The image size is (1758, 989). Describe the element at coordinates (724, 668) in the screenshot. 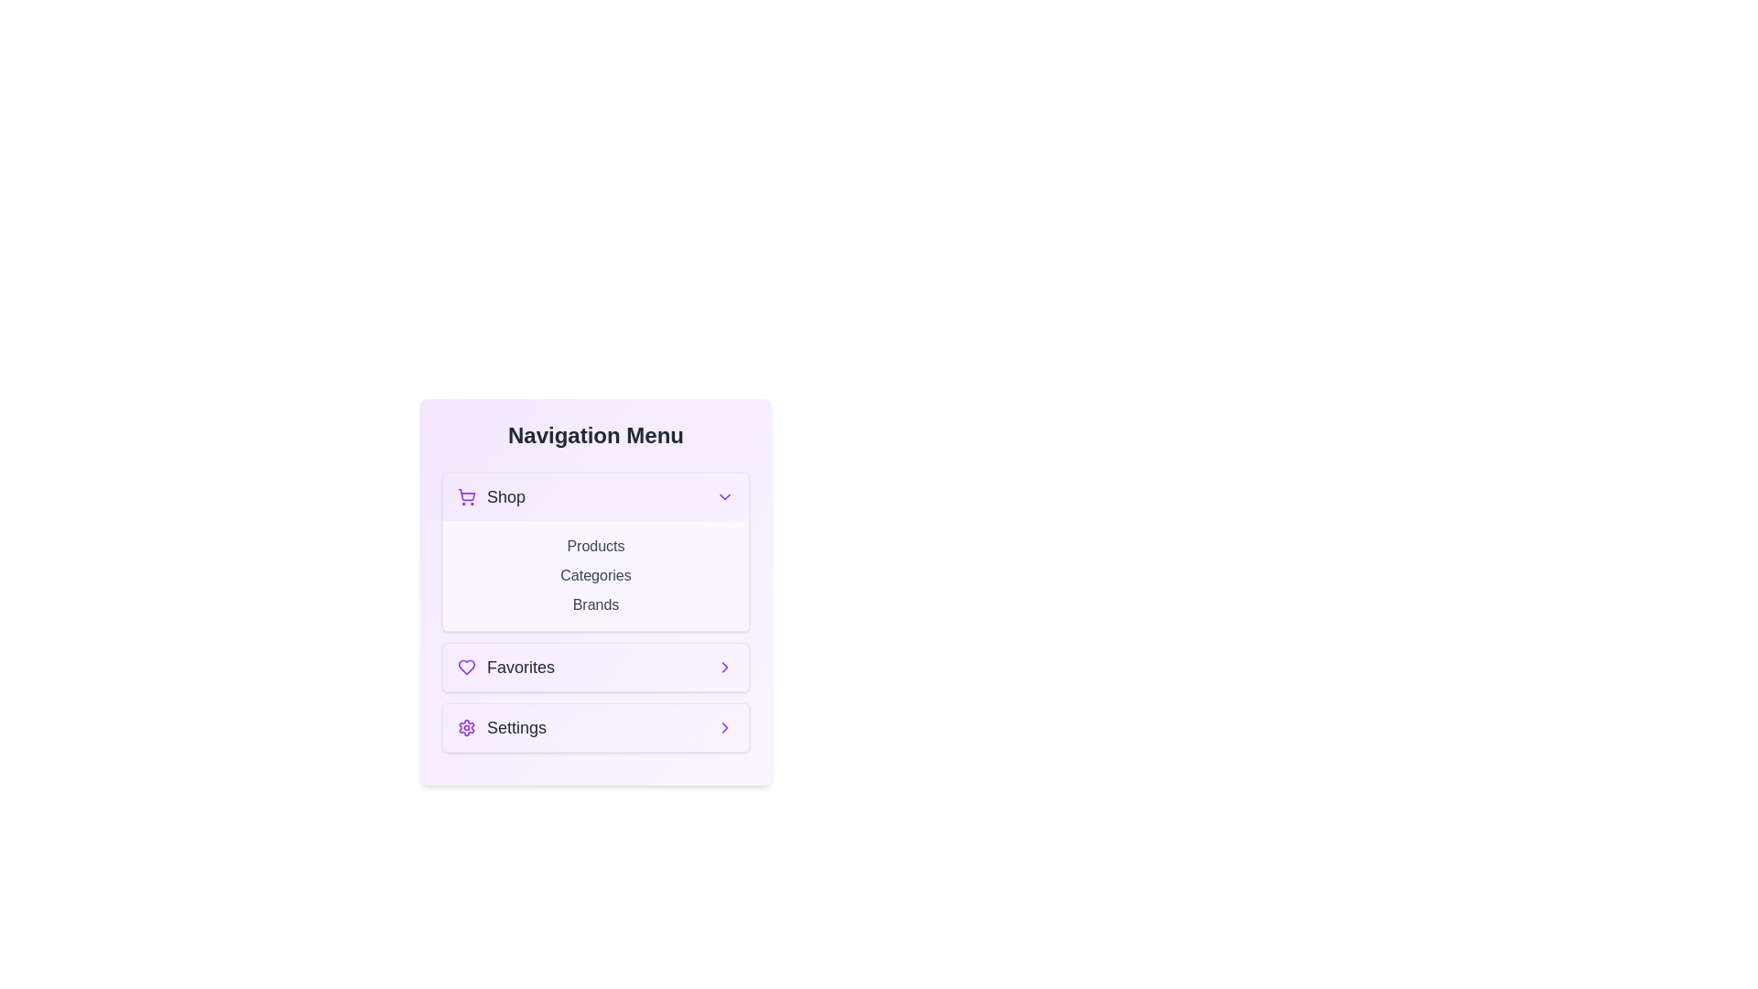

I see `the right-pointing chevron icon with a thin purple outline located at the far right of the 'Favorites' menu item in the navigation menu` at that location.